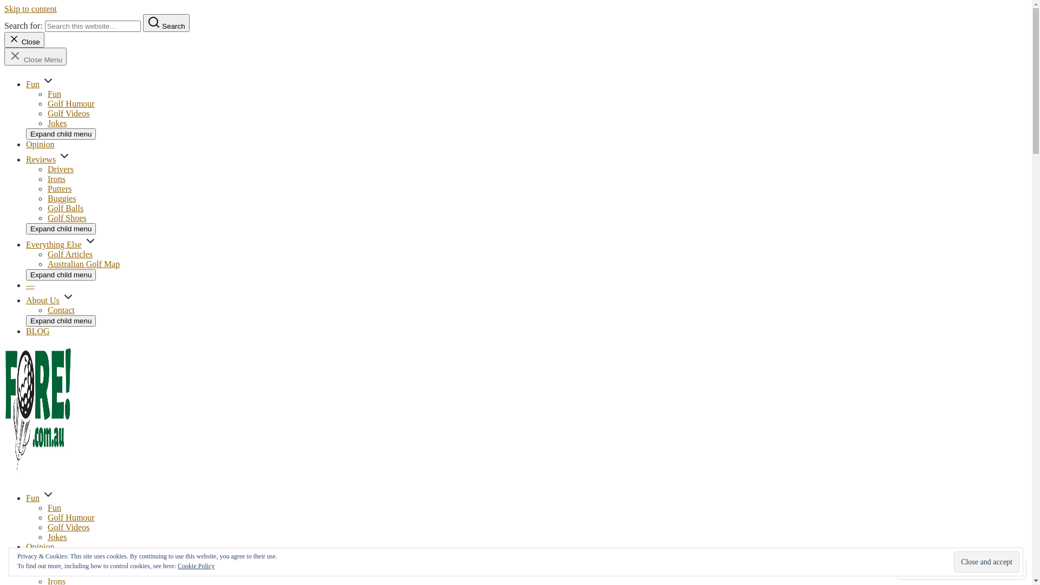 Image resolution: width=1040 pixels, height=585 pixels. I want to click on 'BLOG', so click(38, 330).